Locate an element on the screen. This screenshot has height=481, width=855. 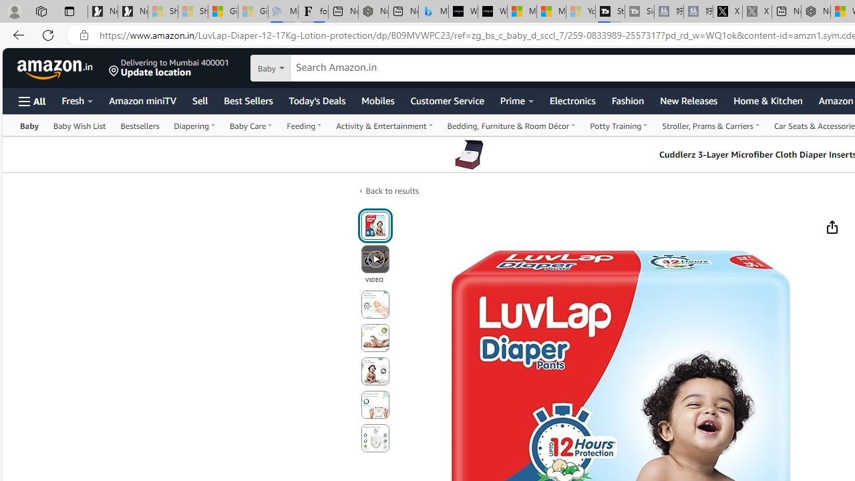
'Newsletter Sign Up' is located at coordinates (133, 11).